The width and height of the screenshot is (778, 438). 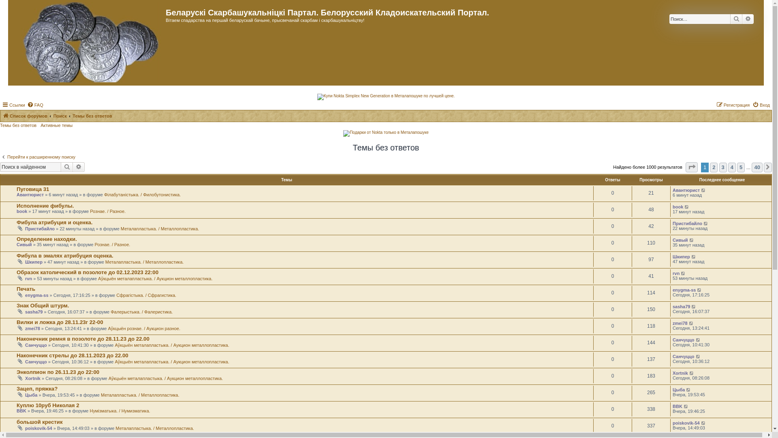 I want to click on 'sasha79', so click(x=33, y=311).